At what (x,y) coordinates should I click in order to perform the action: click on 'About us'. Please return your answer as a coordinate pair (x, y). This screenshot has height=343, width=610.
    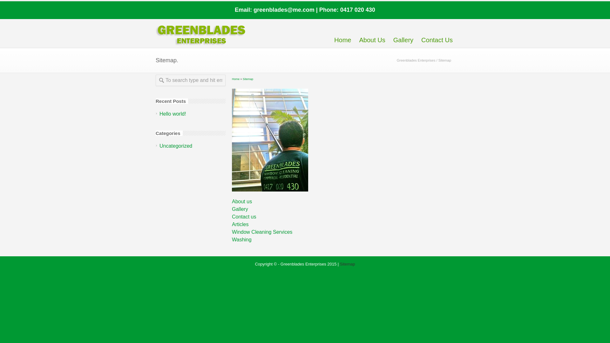
    Looking at the image, I should click on (241, 201).